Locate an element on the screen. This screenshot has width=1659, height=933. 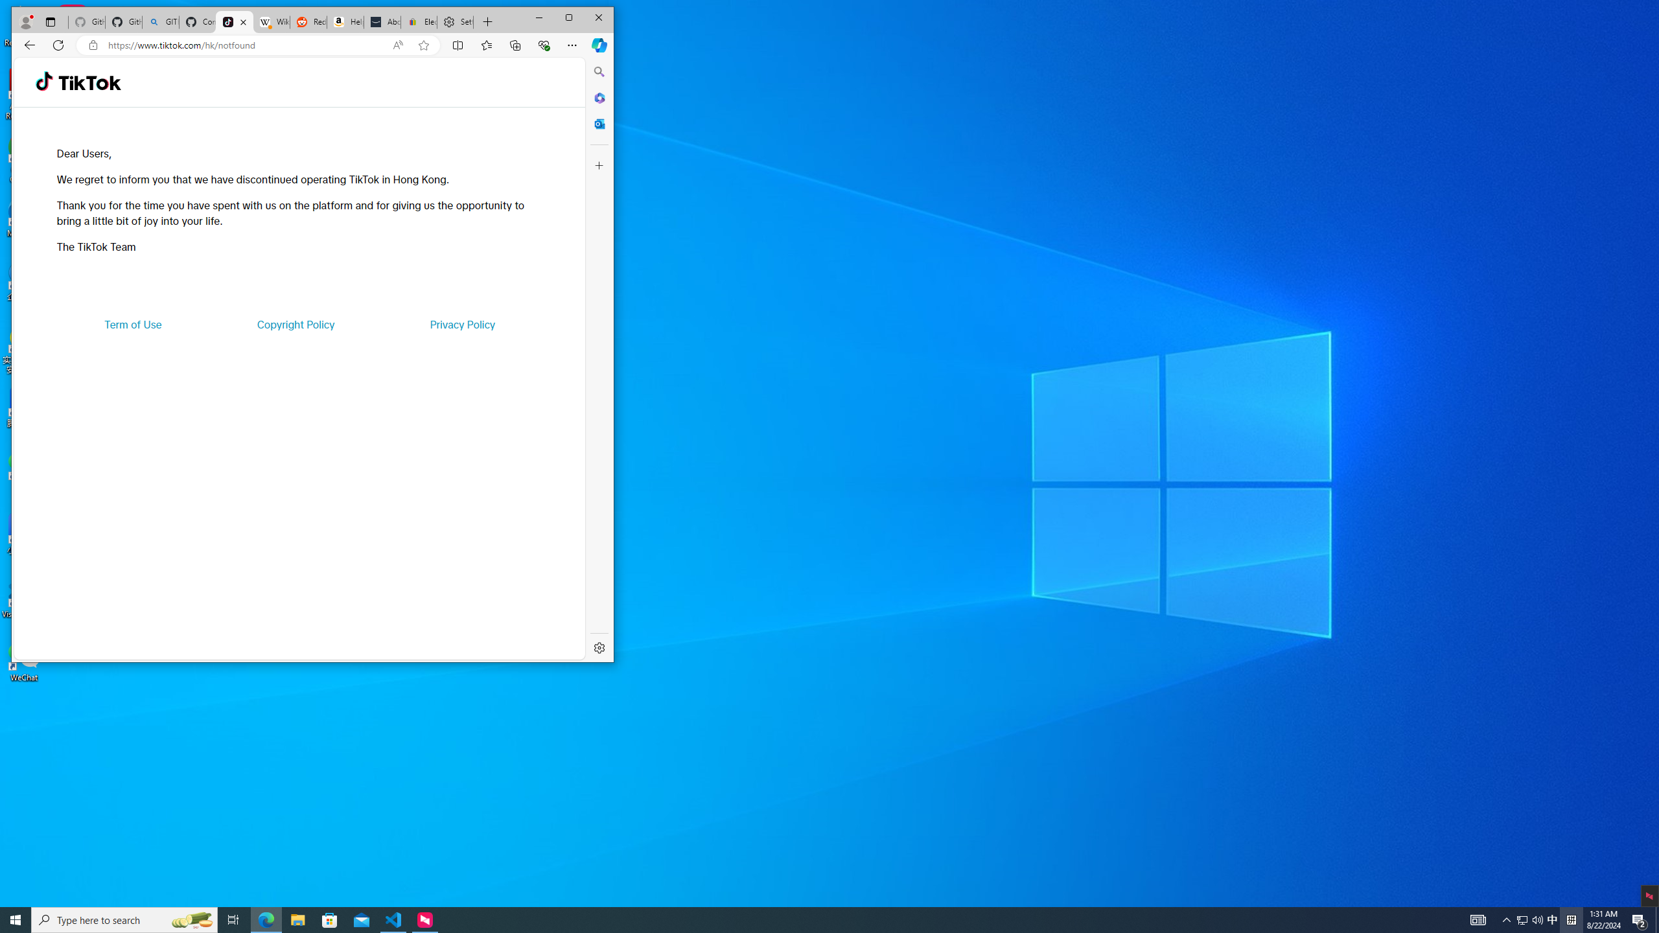
'Notification Chevron' is located at coordinates (1506, 919).